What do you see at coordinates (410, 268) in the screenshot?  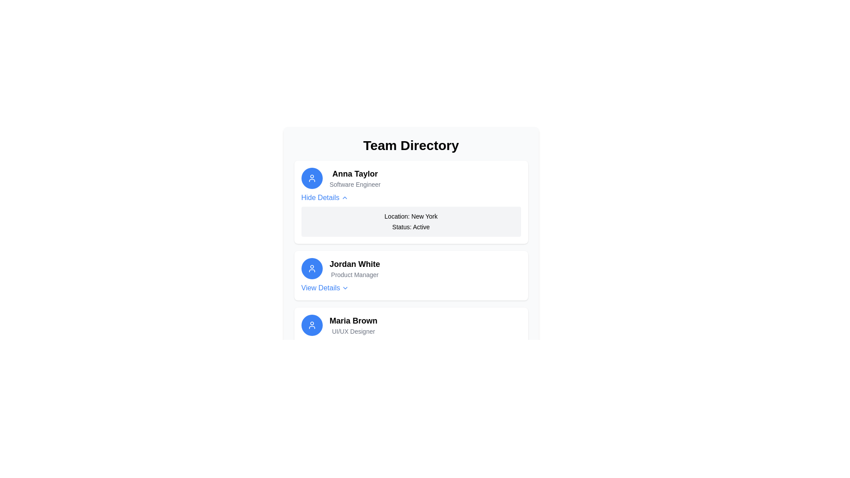 I see `the Profile information card for 'Jordan White', which is the second profile in the list, featuring a circular blue avatar and the name 'Jordan White' in bold` at bounding box center [410, 268].